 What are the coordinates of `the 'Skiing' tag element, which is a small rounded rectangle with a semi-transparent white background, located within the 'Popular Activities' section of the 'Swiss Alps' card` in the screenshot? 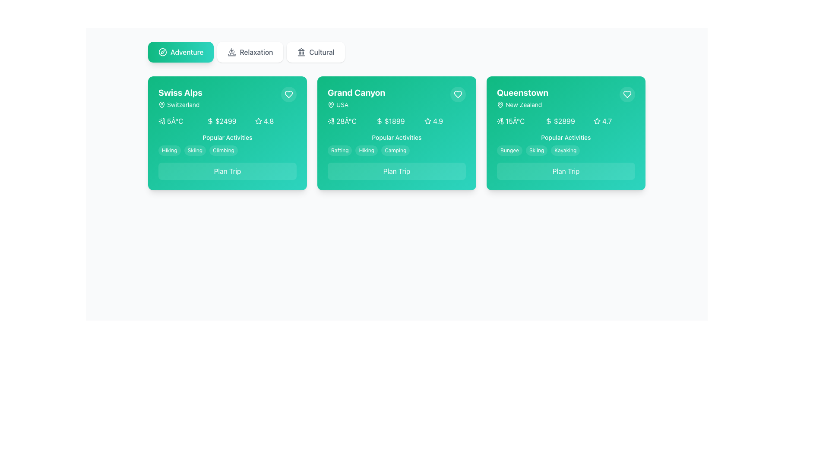 It's located at (194, 150).